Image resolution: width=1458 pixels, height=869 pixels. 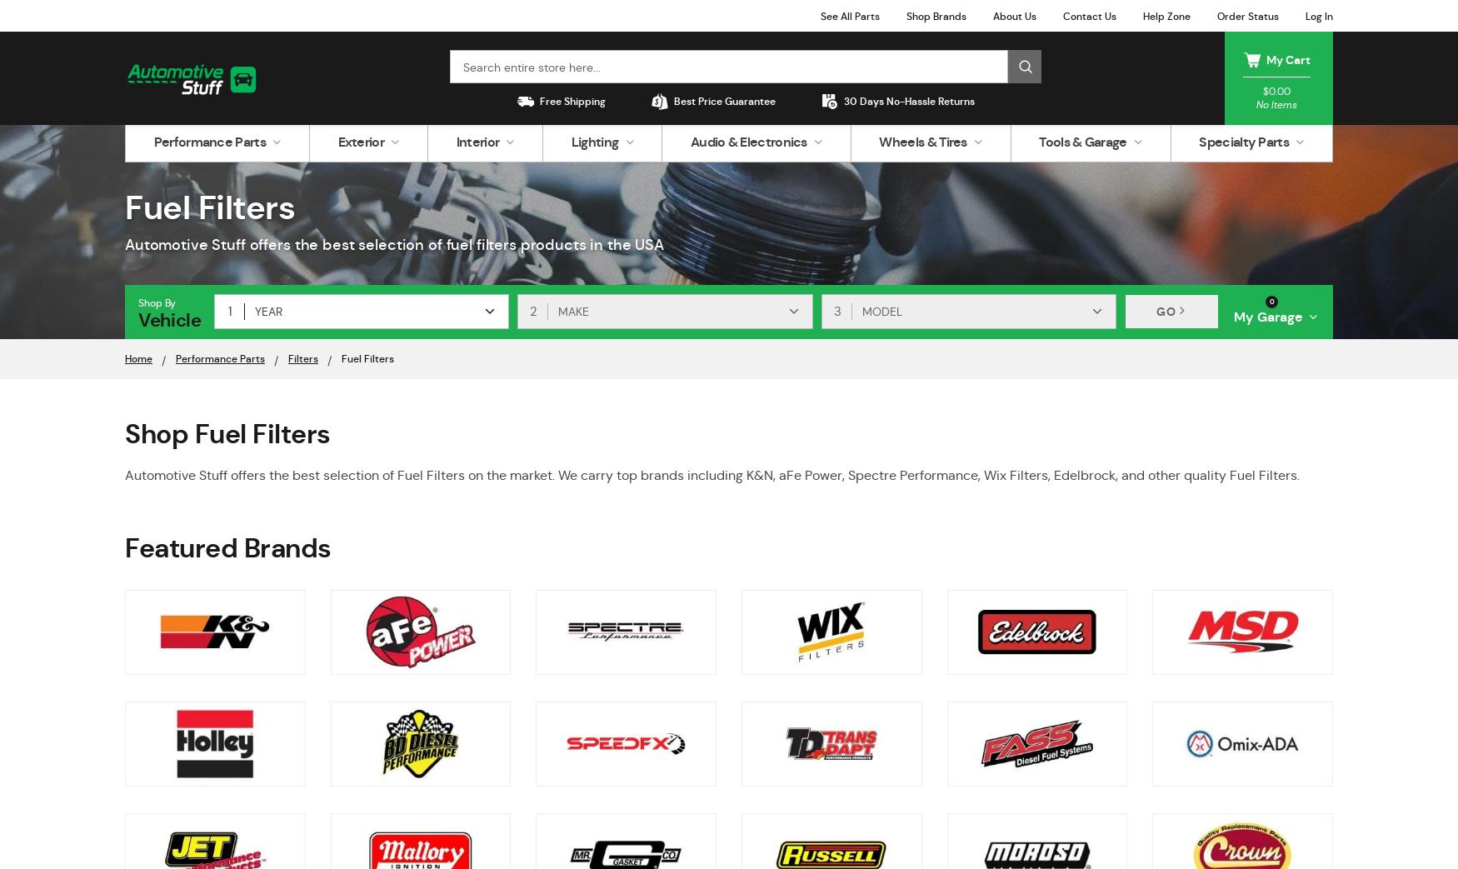 What do you see at coordinates (1287, 58) in the screenshot?
I see `'My Cart'` at bounding box center [1287, 58].